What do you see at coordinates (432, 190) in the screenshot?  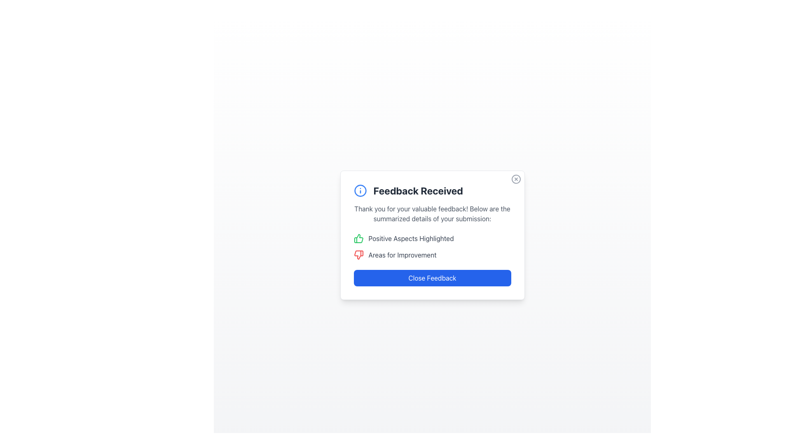 I see `the heading element that serves as the title for the feedback modal, located at the top section of the centered card` at bounding box center [432, 190].